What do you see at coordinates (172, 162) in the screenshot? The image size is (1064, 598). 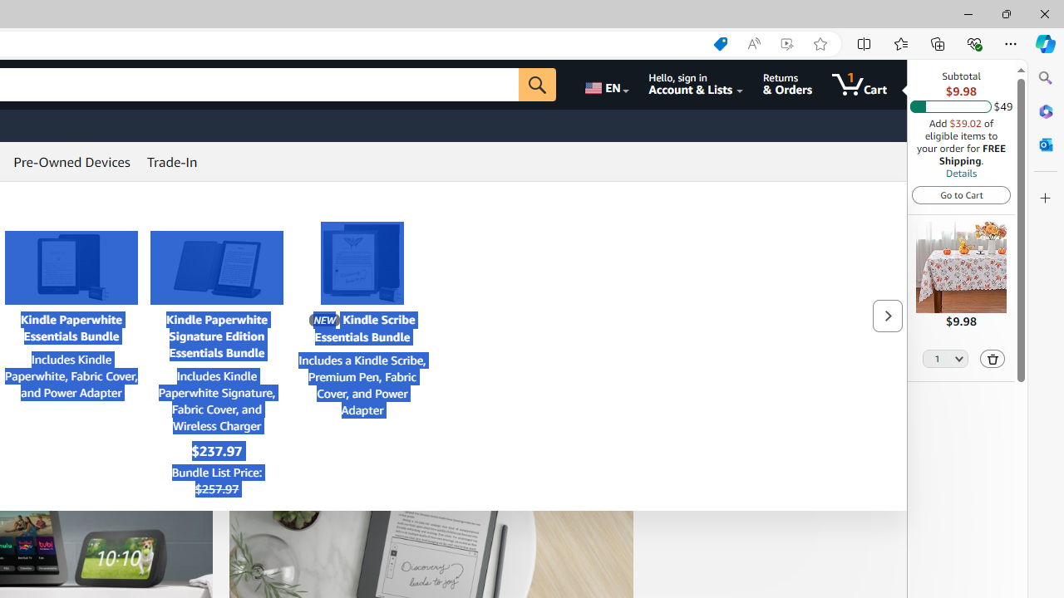 I see `'Trade-In'` at bounding box center [172, 162].